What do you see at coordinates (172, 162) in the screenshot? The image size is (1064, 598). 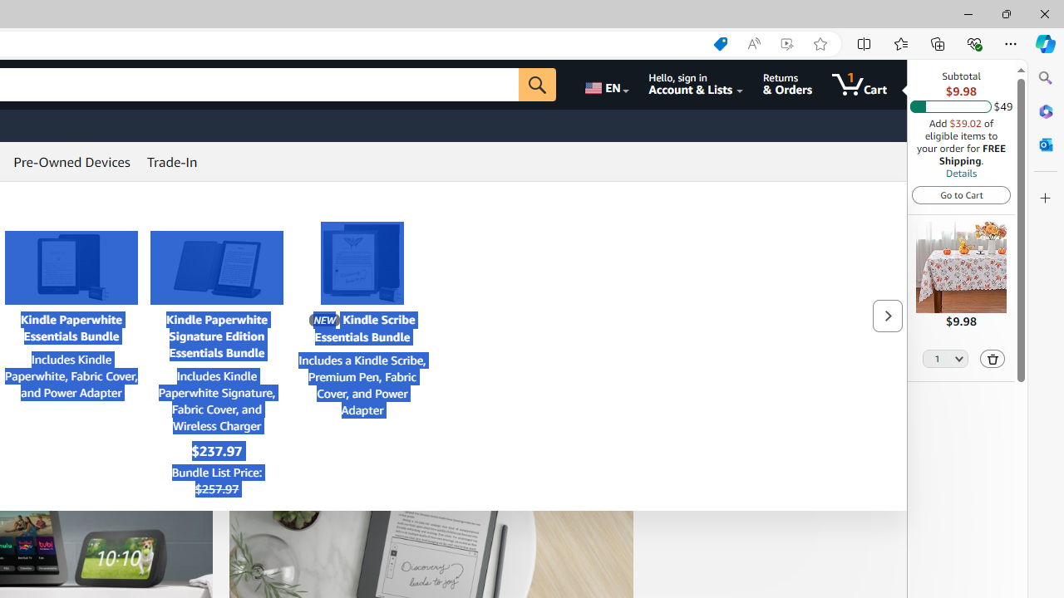 I see `'Trade-In'` at bounding box center [172, 162].